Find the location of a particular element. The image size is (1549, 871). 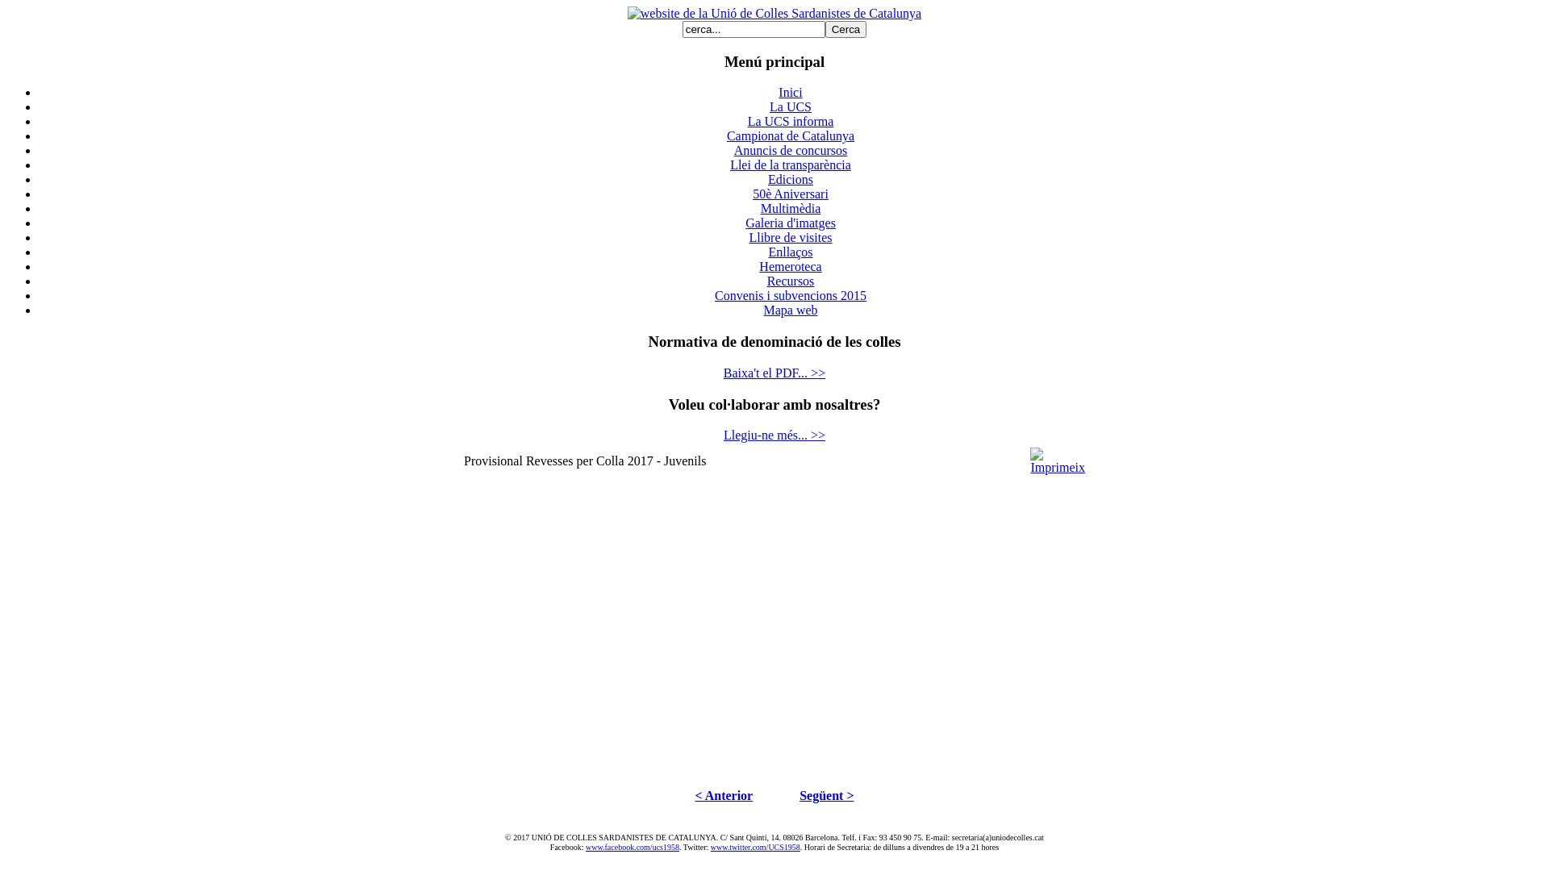

'Hemeroteca' is located at coordinates (790, 265).